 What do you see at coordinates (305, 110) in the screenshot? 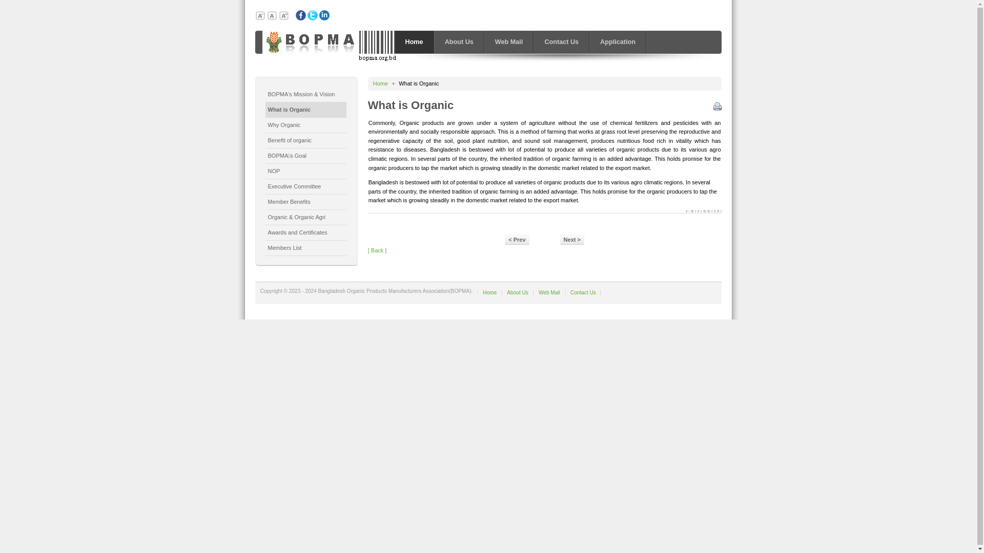
I see `'What is Organic'` at bounding box center [305, 110].